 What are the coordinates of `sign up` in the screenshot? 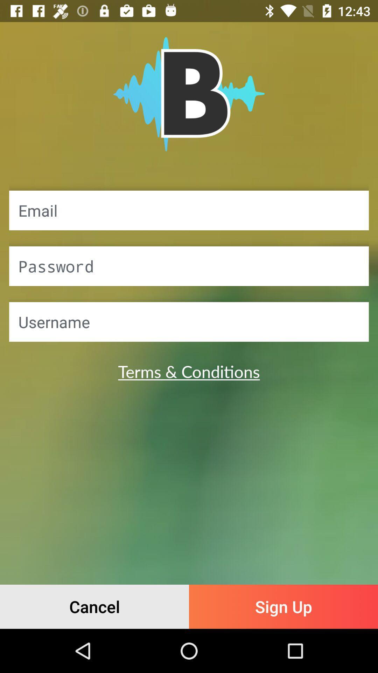 It's located at (283, 606).